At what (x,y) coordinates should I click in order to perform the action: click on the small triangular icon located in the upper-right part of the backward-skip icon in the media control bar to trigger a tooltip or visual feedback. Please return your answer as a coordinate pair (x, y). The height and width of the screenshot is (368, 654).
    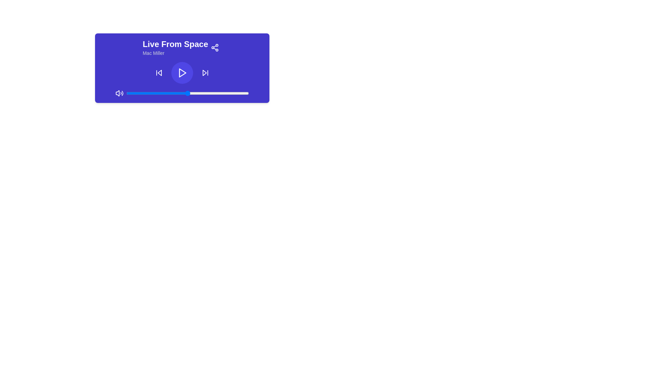
    Looking at the image, I should click on (159, 73).